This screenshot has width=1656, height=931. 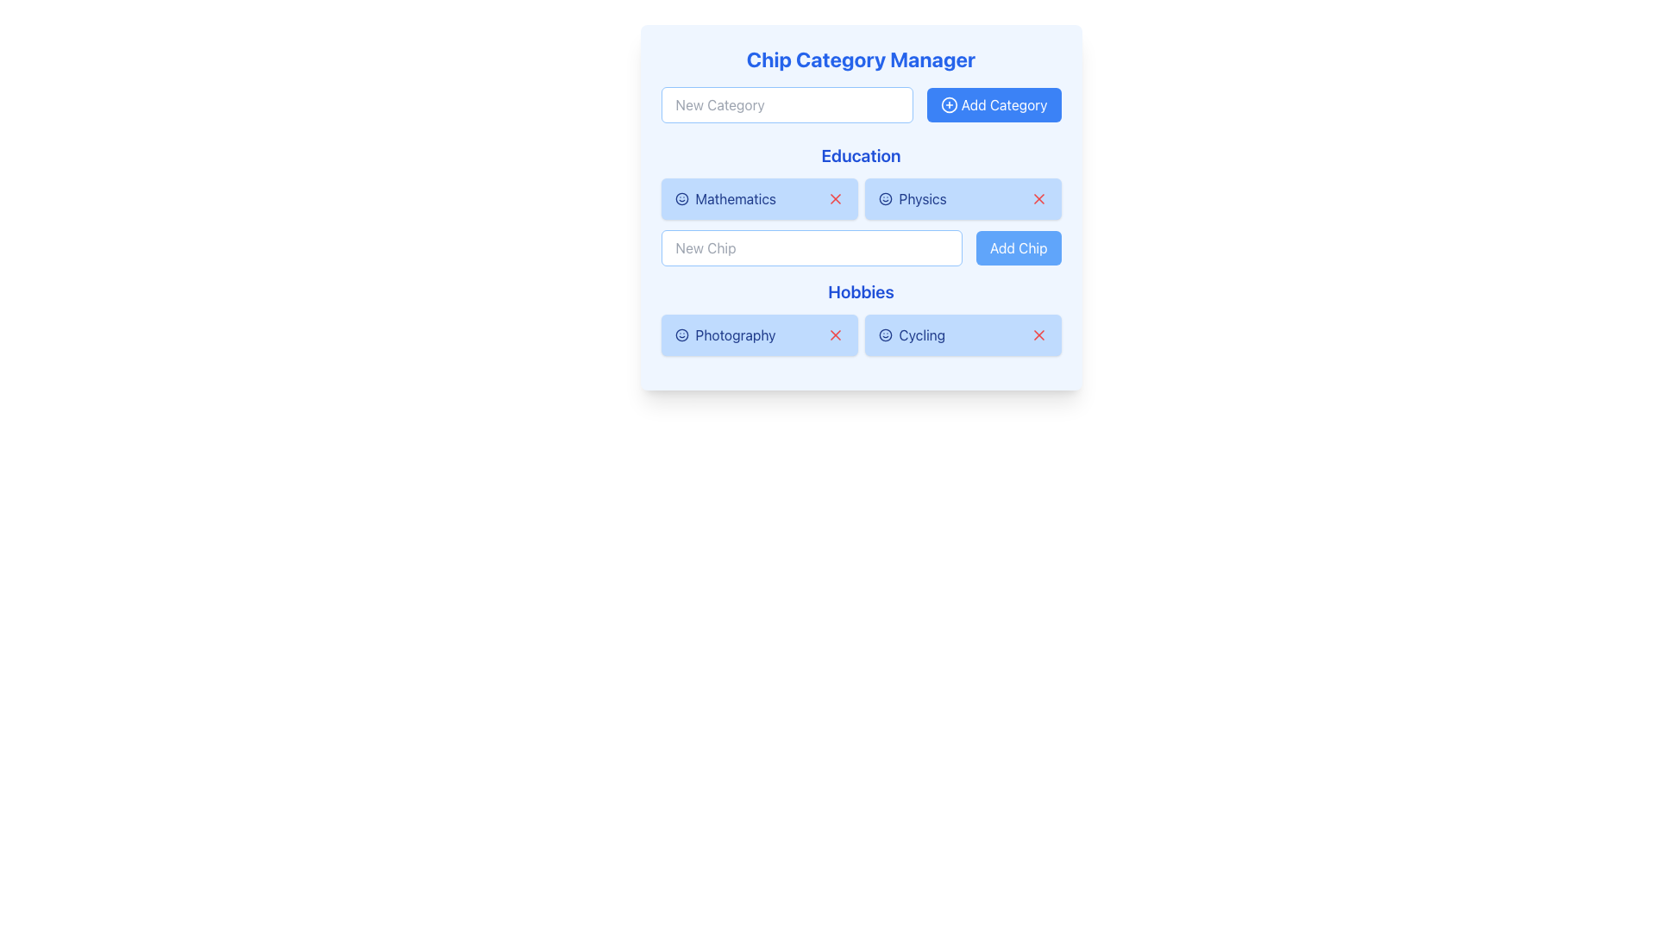 I want to click on the Photography icon located to the left of the Photography label in the Hobbies section, so click(x=681, y=335).